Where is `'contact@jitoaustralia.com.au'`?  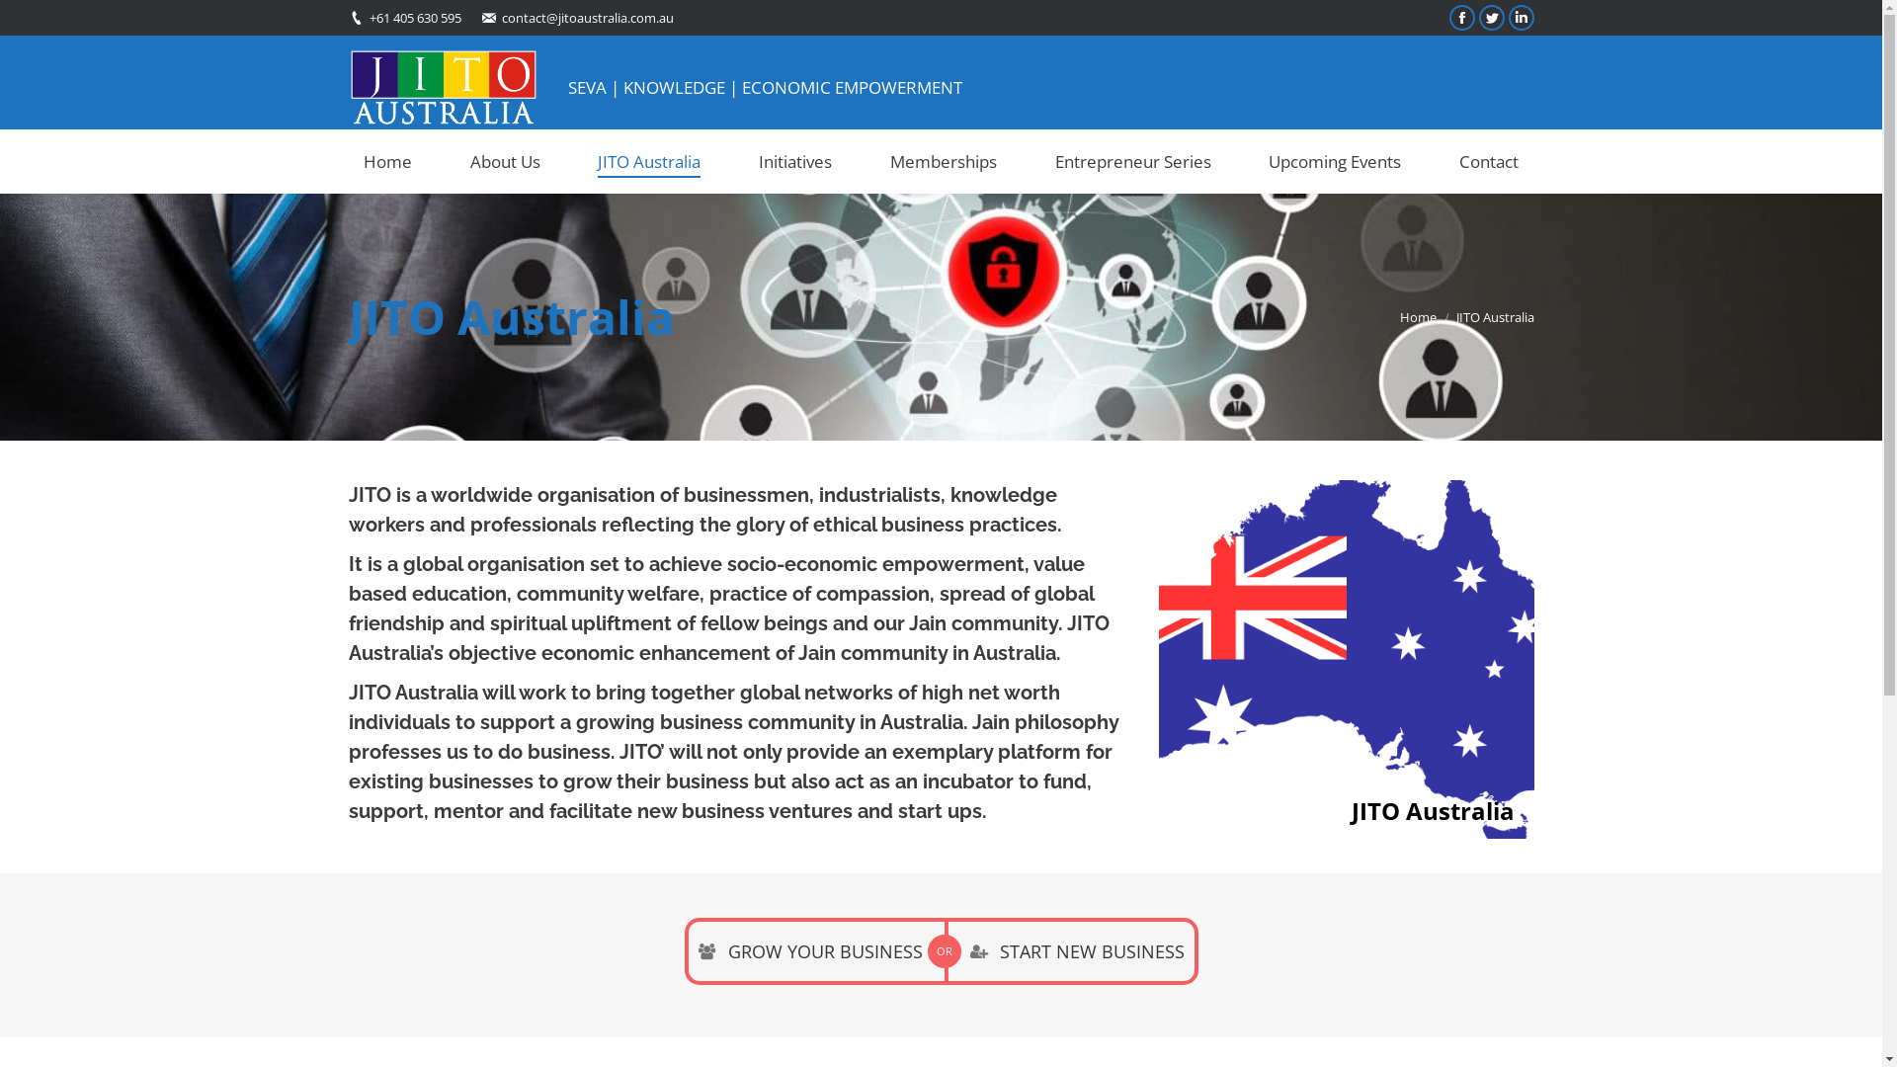
'contact@jitoaustralia.com.au' is located at coordinates (587, 17).